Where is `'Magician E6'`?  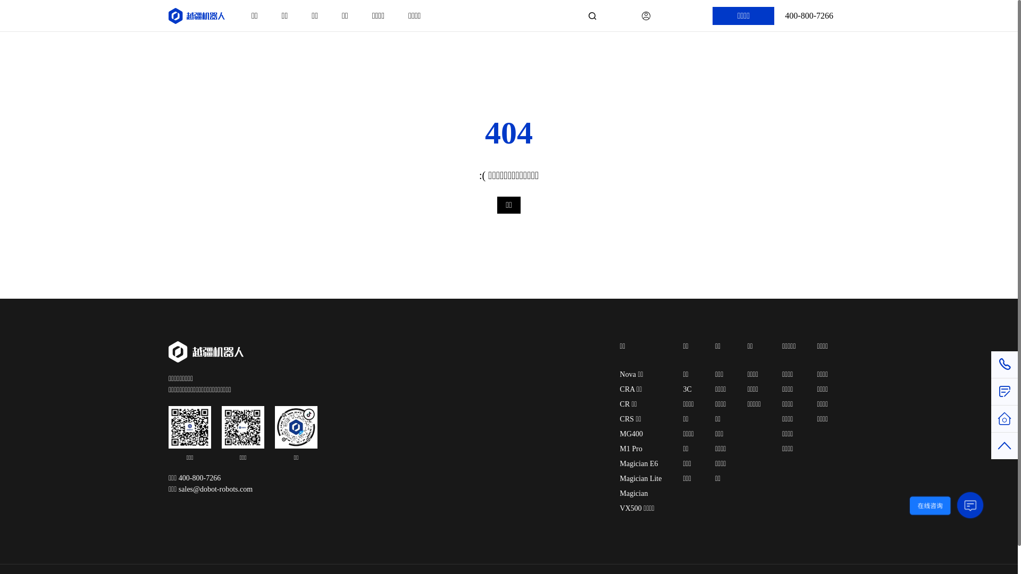
'Magician E6' is located at coordinates (638, 463).